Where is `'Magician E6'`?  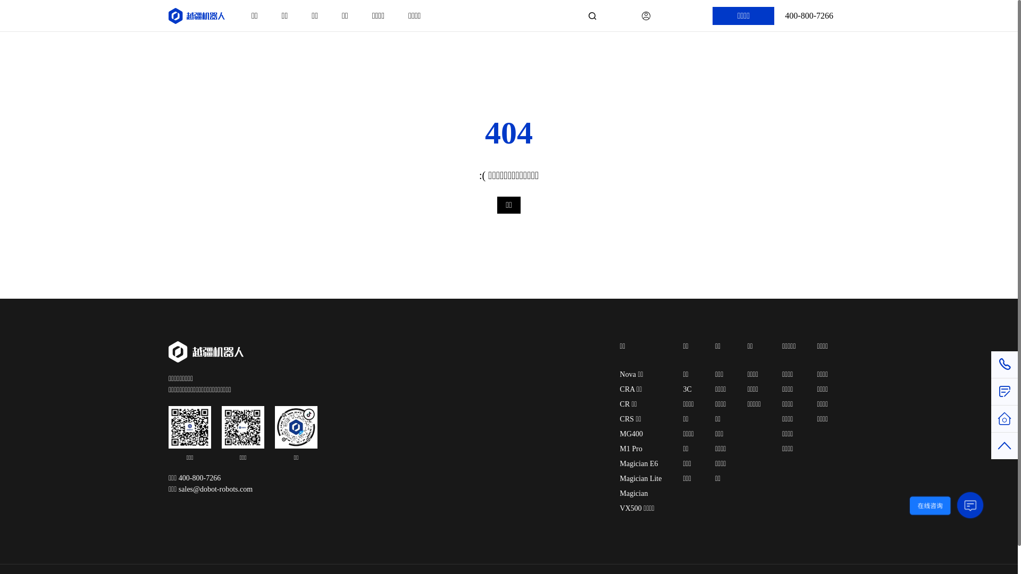
'Magician E6' is located at coordinates (638, 463).